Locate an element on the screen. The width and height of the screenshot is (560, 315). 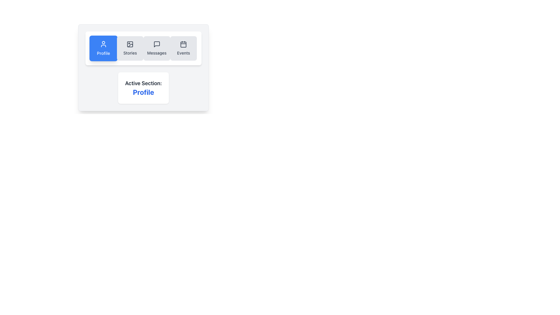
the Informative display box, which is a white rectangular box with rounded corners containing the text 'Active Section:' in dark gray and 'Profile' in bold blue, located beneath the menu bar and aligned with the 'Profile' tab is located at coordinates (143, 88).